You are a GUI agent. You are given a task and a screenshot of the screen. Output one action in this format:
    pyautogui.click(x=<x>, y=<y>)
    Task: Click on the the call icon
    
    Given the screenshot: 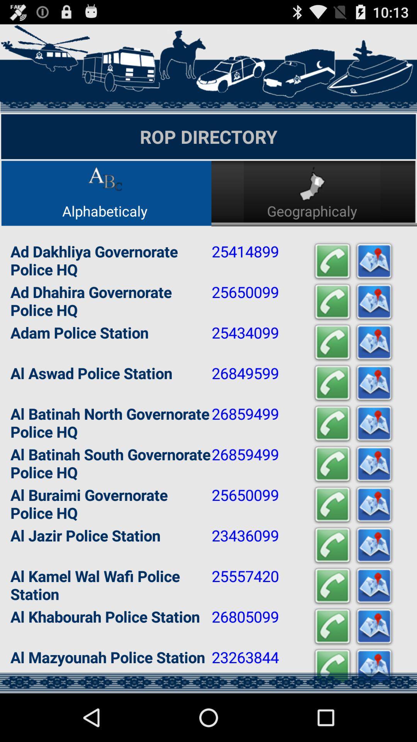 What is the action you would take?
    pyautogui.click(x=332, y=670)
    